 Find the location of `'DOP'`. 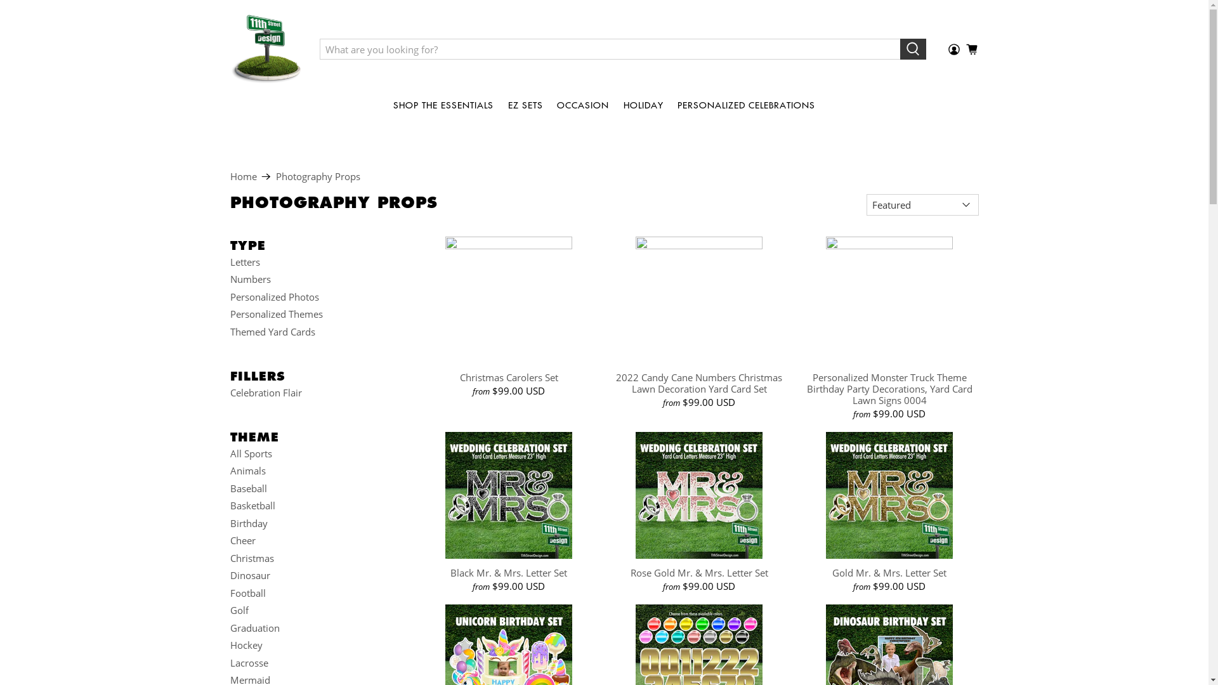

'DOP' is located at coordinates (951, 193).